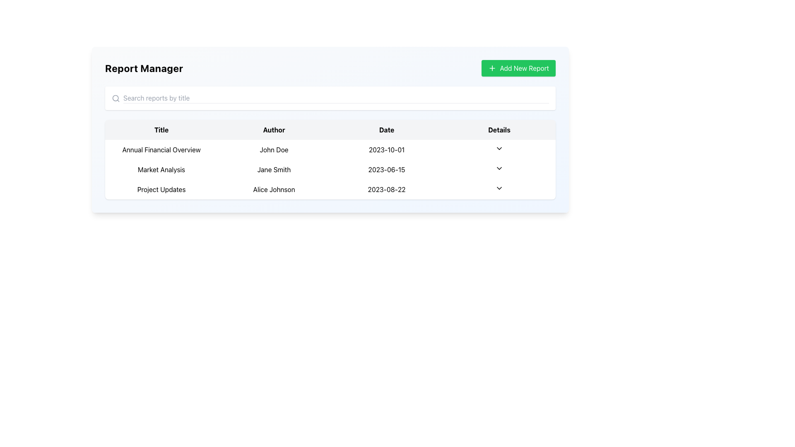 Image resolution: width=795 pixels, height=447 pixels. I want to click on the inner circle of the magnifying glass icon, which is gray and located to the left of the 'Search reports by title' input field, so click(115, 97).